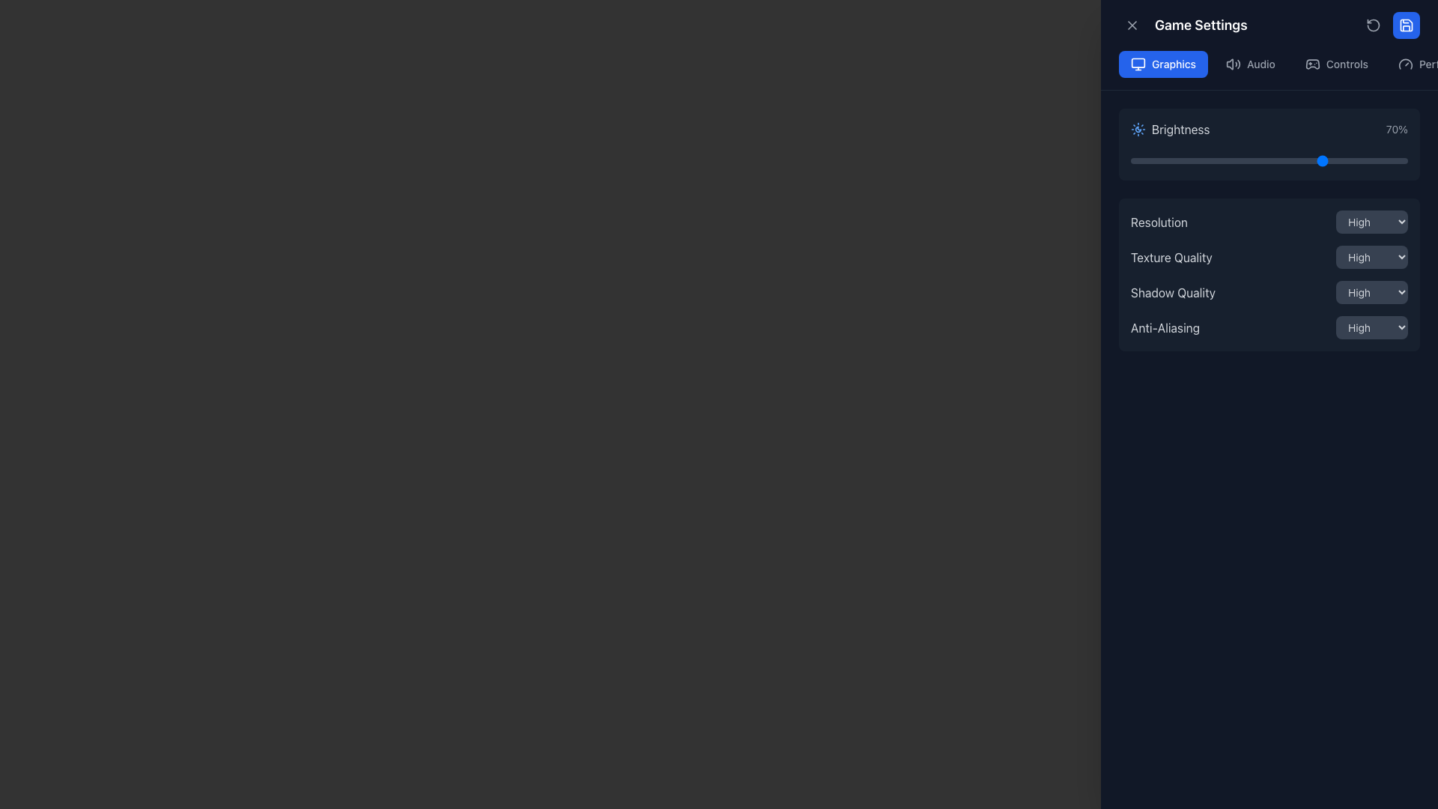 This screenshot has height=809, width=1438. What do you see at coordinates (1372, 327) in the screenshot?
I see `the dropdown button for the 'Anti-Aliasing' setting` at bounding box center [1372, 327].